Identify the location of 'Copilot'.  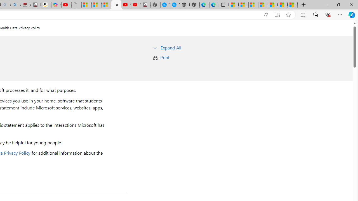
(56, 5).